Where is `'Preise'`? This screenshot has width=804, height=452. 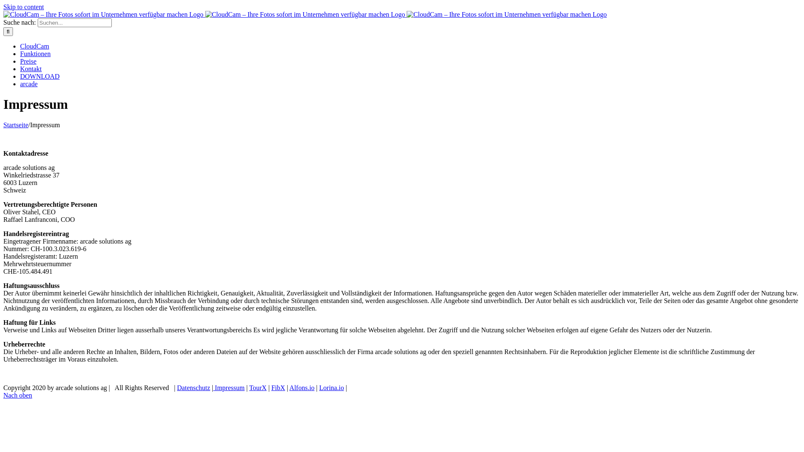 'Preise' is located at coordinates (20, 61).